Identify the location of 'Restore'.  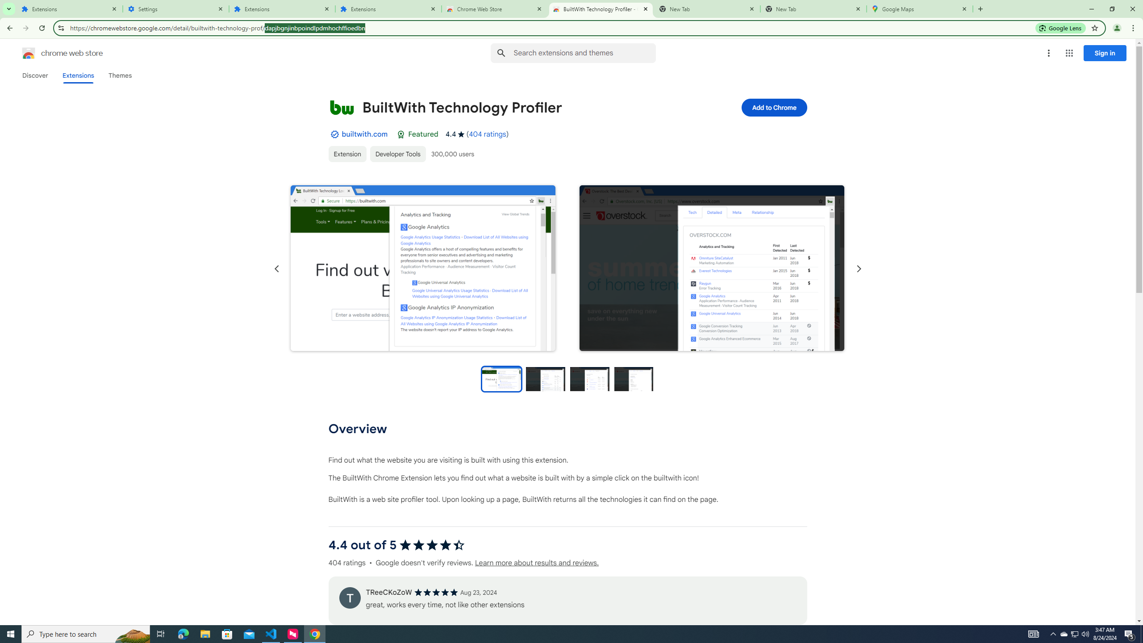
(1112, 8).